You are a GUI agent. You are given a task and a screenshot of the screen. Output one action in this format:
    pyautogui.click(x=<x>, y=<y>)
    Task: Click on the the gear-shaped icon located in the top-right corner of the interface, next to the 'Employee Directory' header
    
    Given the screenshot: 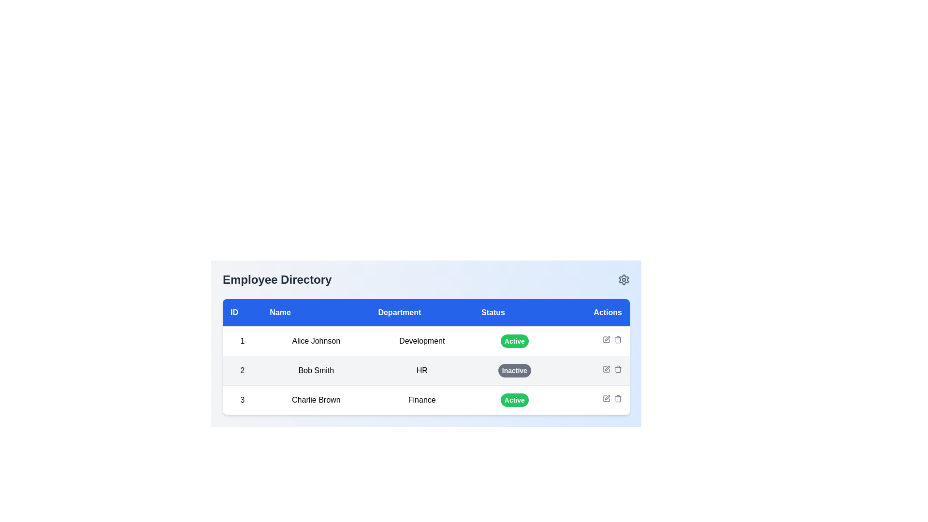 What is the action you would take?
    pyautogui.click(x=624, y=279)
    